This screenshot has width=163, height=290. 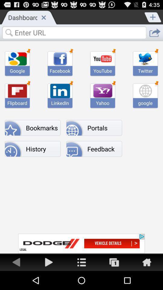 What do you see at coordinates (114, 262) in the screenshot?
I see `advertisement` at bounding box center [114, 262].